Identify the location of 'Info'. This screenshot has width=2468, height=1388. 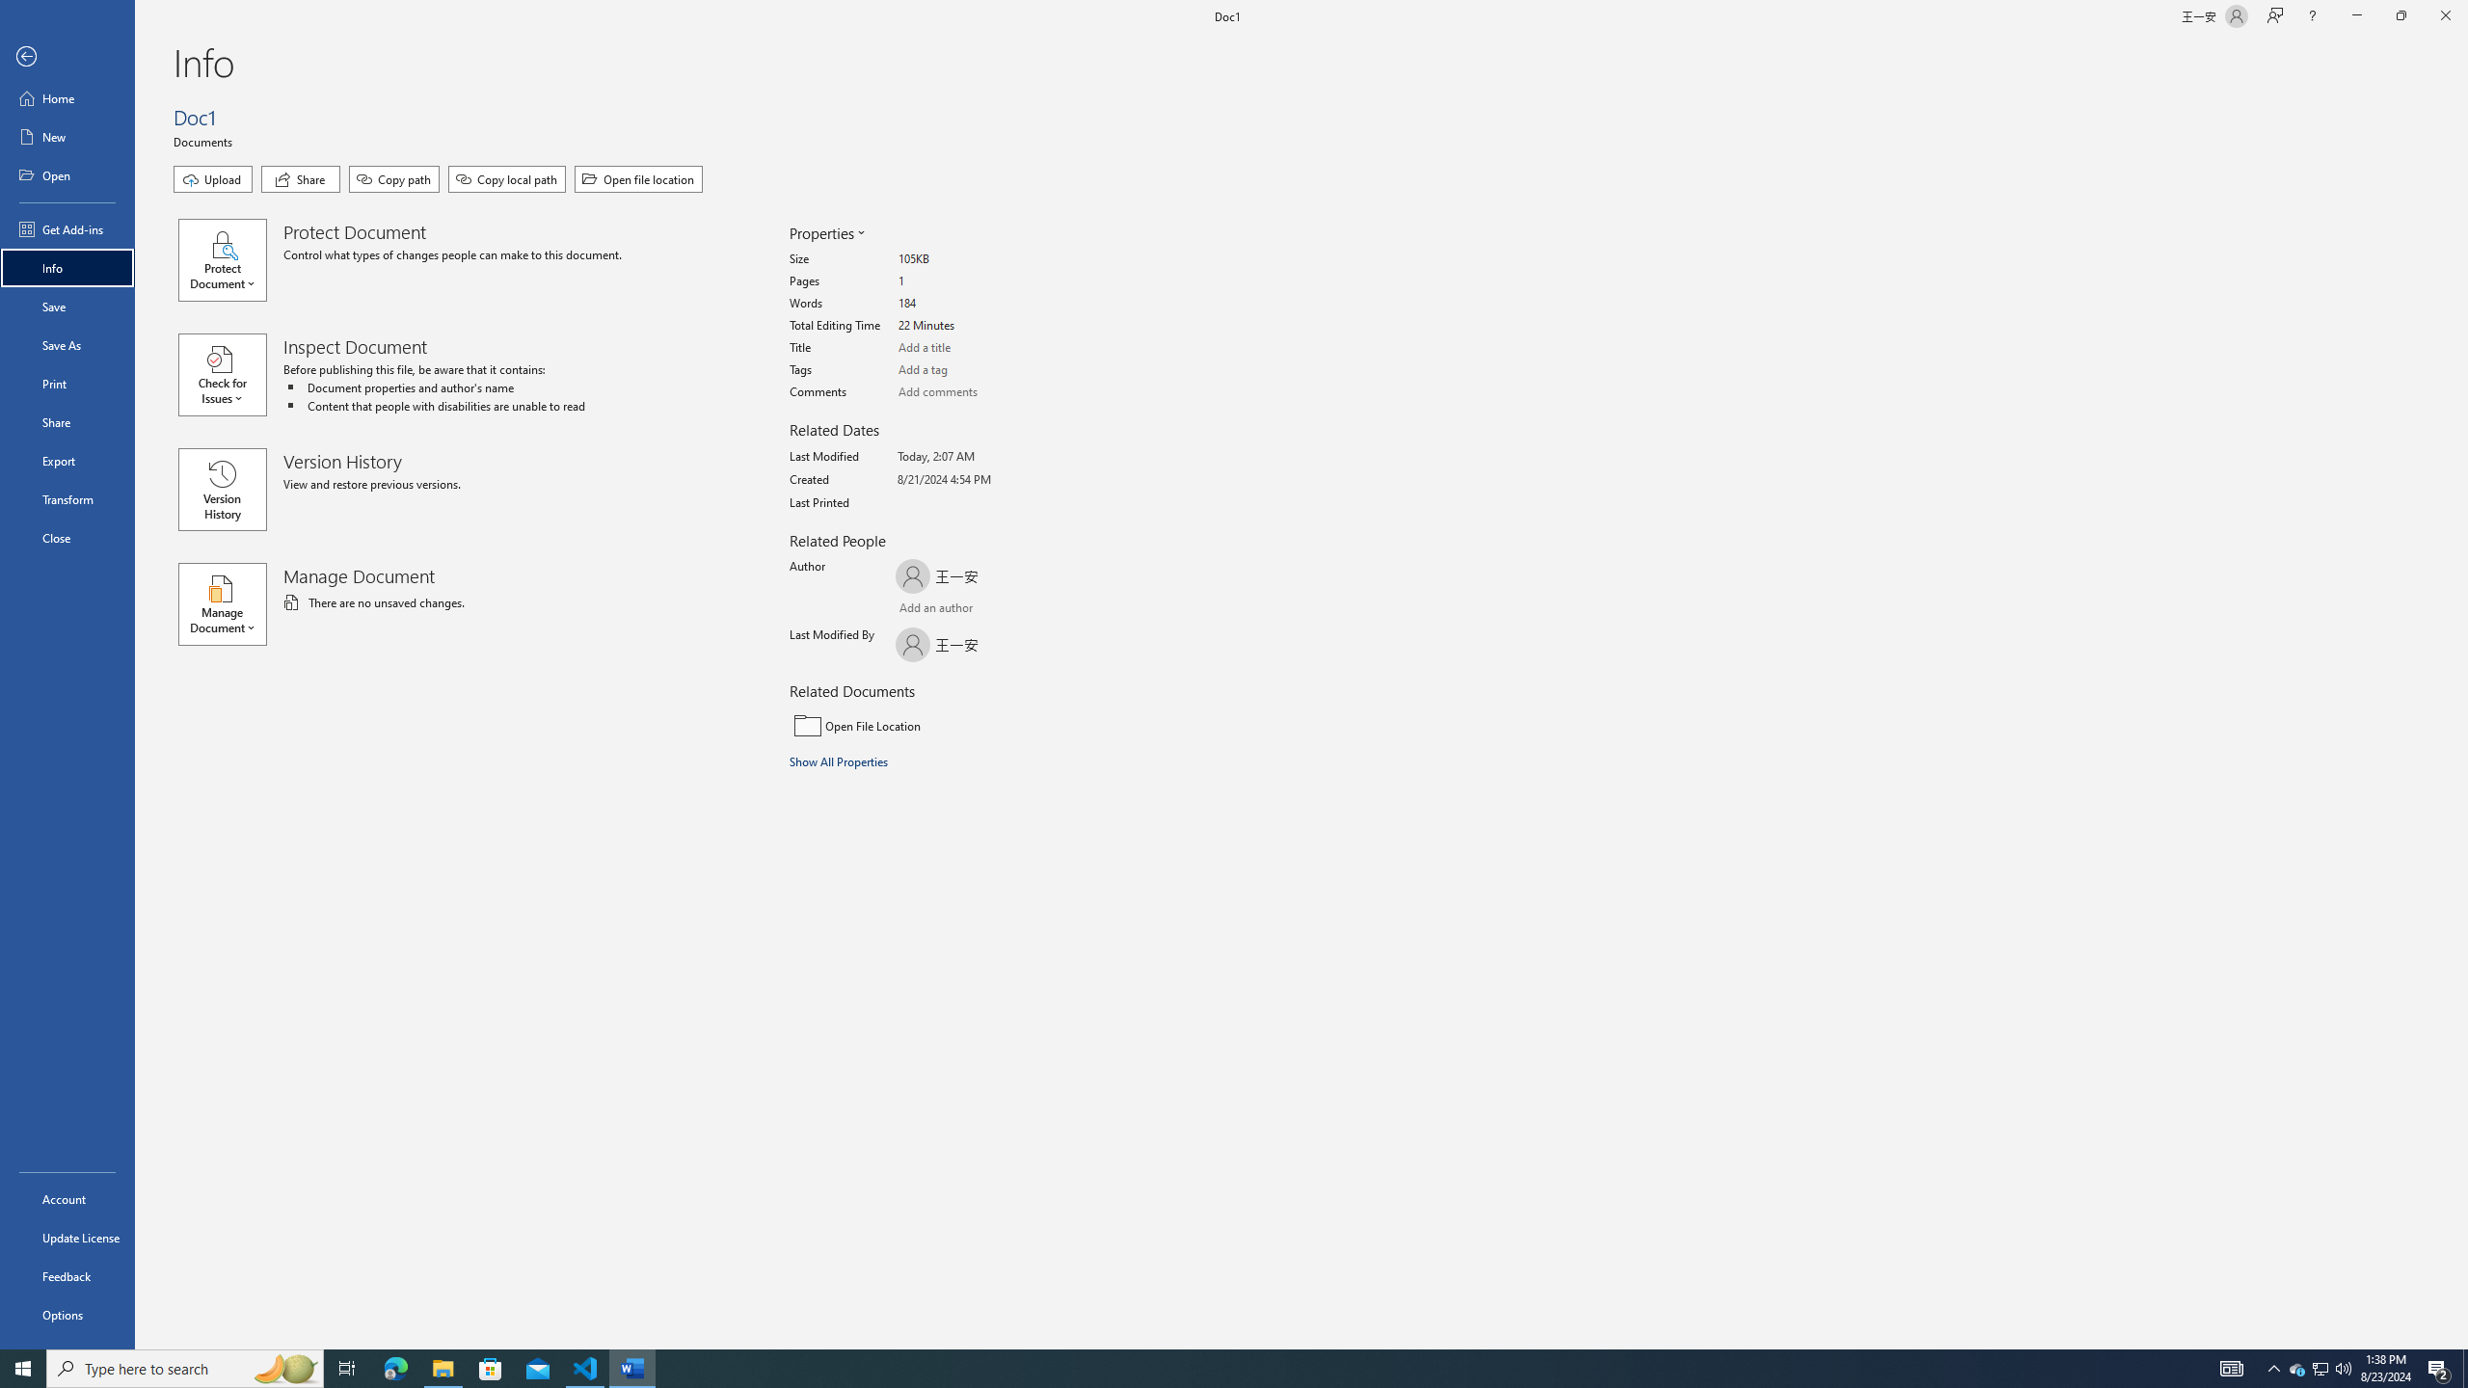
(67, 266).